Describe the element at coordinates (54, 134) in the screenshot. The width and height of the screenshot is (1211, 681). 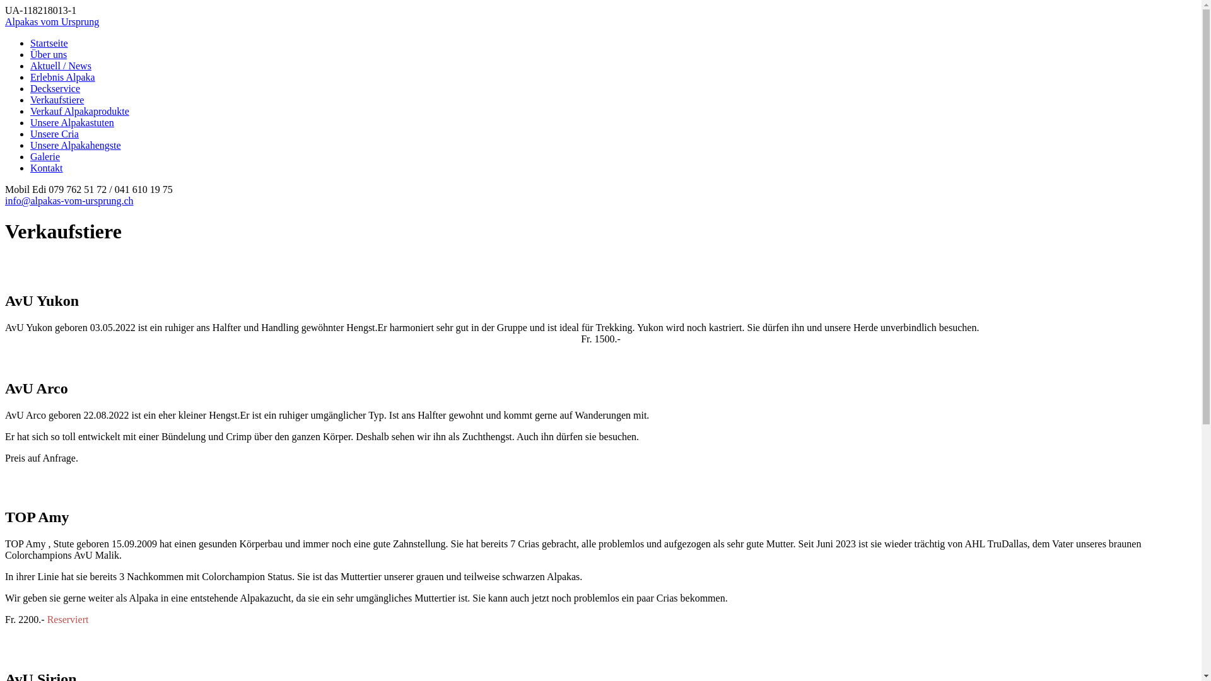
I see `'Unsere Cria'` at that location.